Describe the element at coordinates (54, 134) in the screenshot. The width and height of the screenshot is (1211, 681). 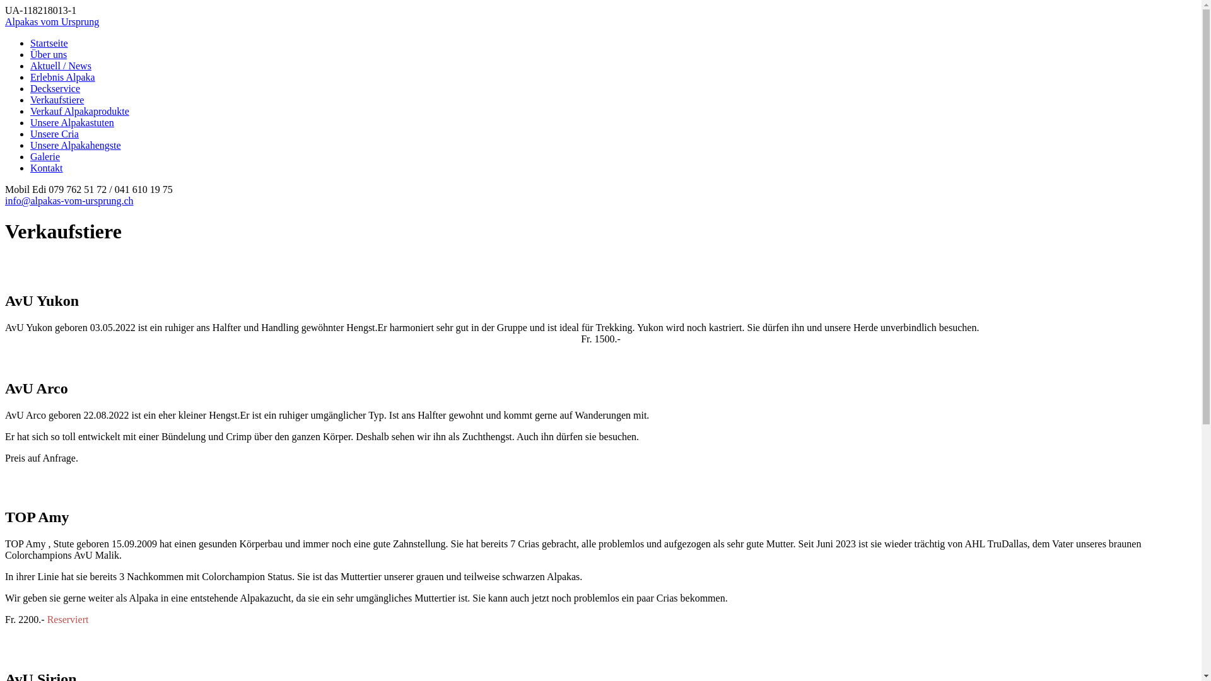
I see `'Unsere Cria'` at that location.